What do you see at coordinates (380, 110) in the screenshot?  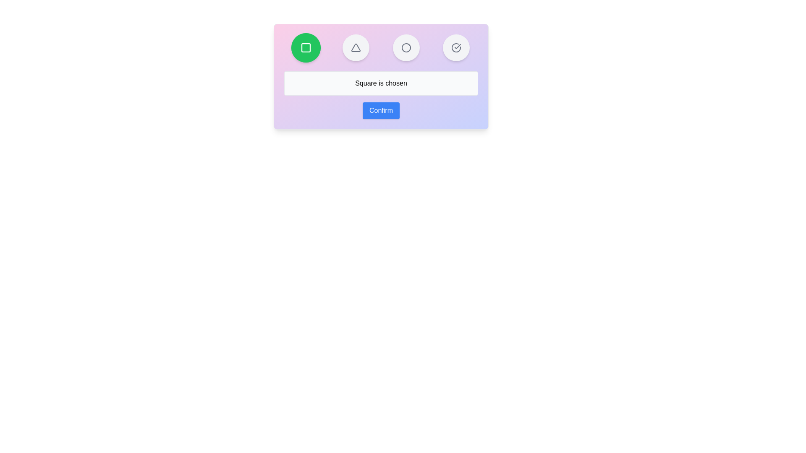 I see `the 'Confirm' button to confirm the current selection` at bounding box center [380, 110].